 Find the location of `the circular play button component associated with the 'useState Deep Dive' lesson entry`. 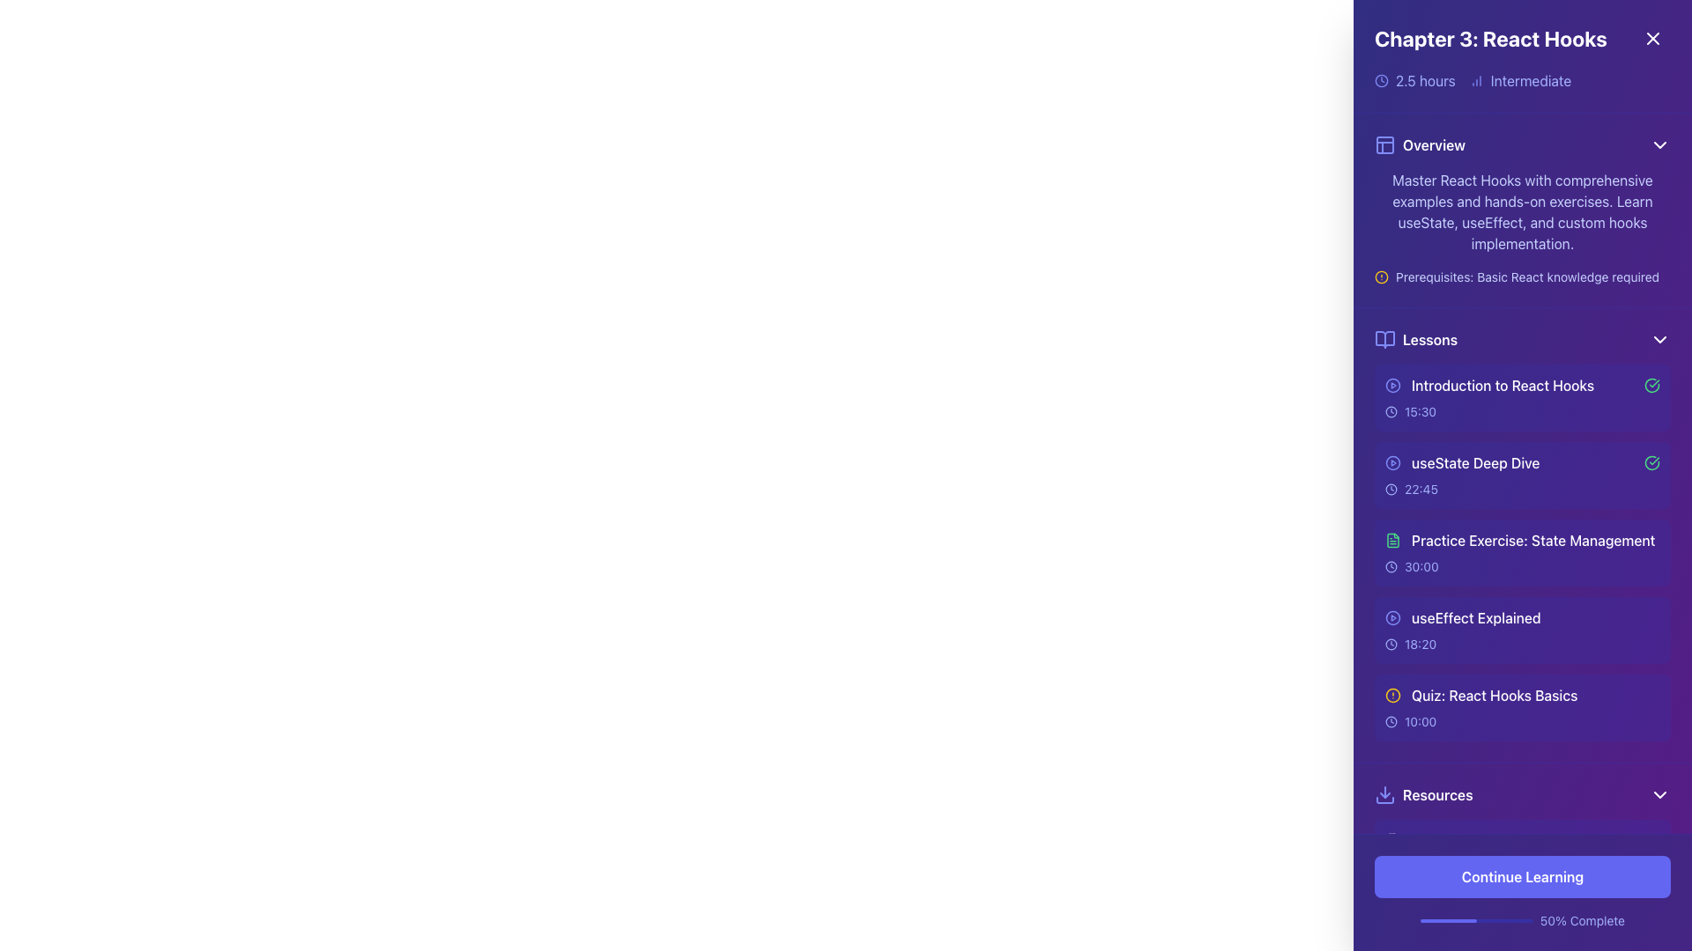

the circular play button component associated with the 'useState Deep Dive' lesson entry is located at coordinates (1391, 461).